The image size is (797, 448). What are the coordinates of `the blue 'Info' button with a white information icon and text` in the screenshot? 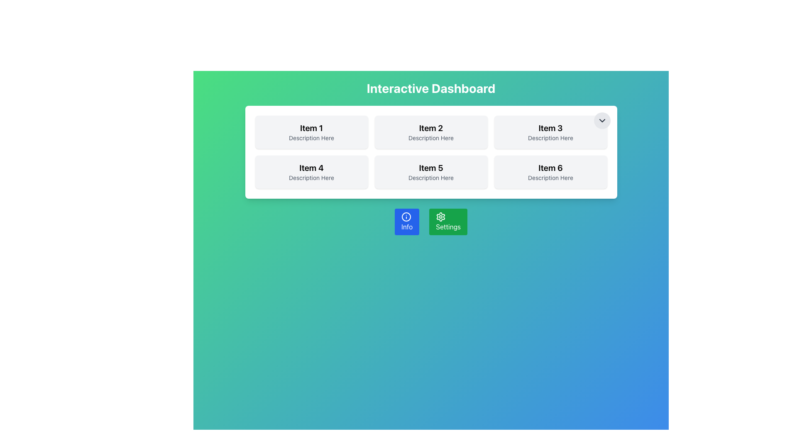 It's located at (407, 222).